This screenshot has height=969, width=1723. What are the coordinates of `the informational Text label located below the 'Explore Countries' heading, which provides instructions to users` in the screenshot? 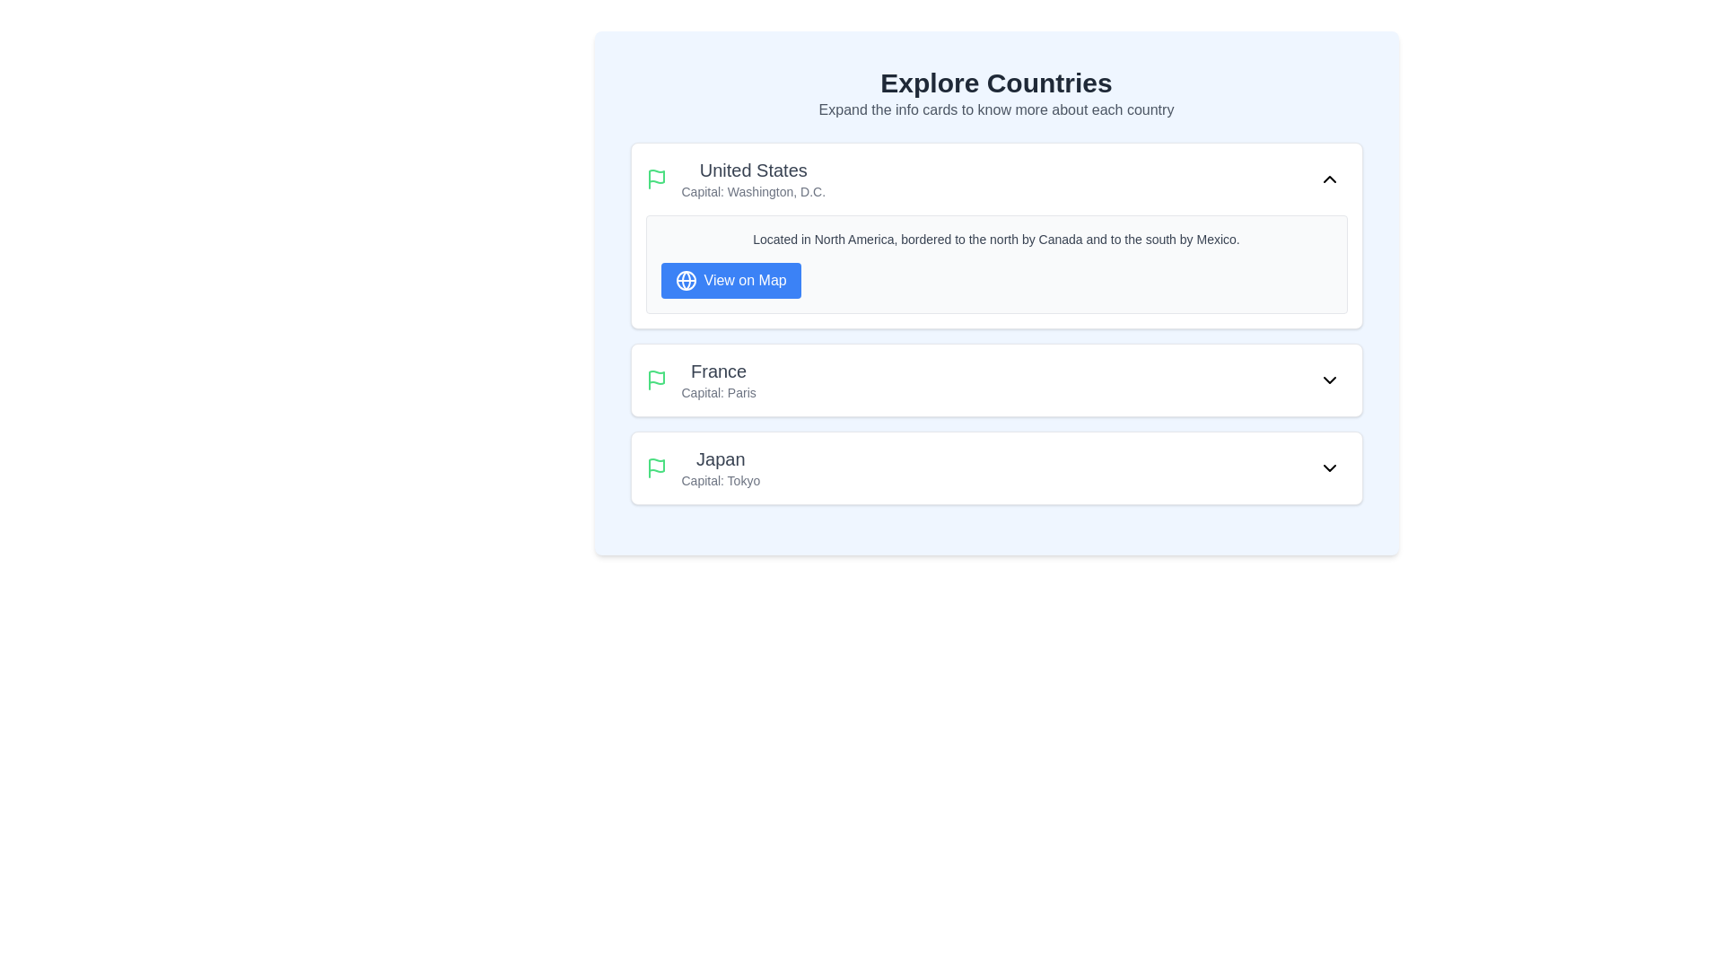 It's located at (995, 110).